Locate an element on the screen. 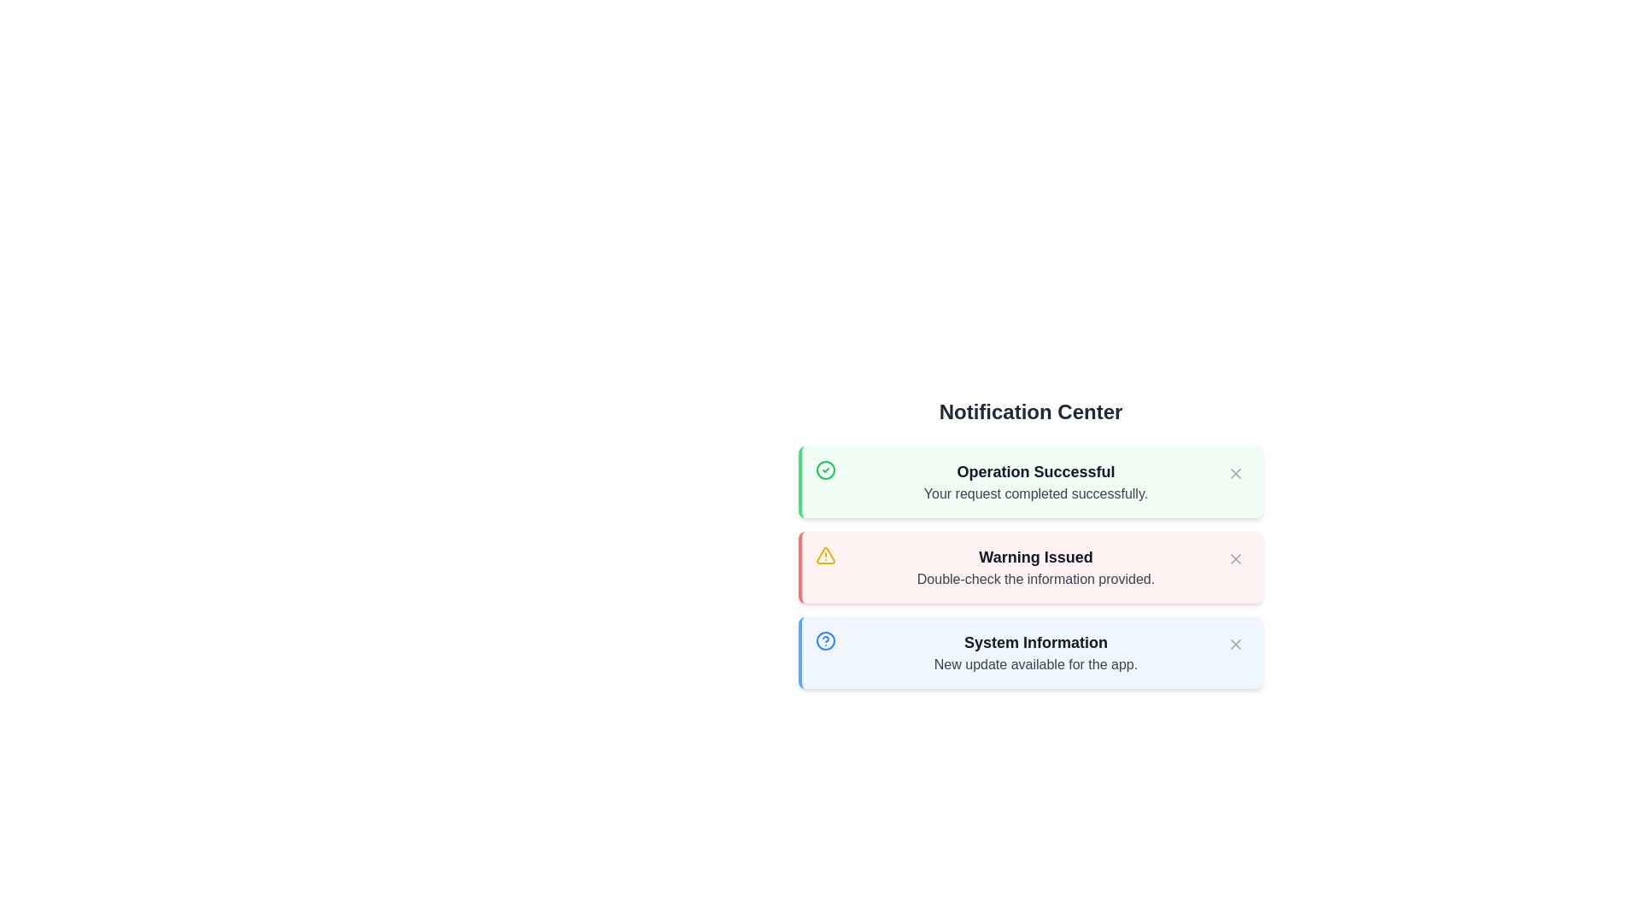  the triangular alert icon with yellow strokes, which is part of the 'Warning Issued' notification entry, positioned to the left of the text content is located at coordinates (825, 556).